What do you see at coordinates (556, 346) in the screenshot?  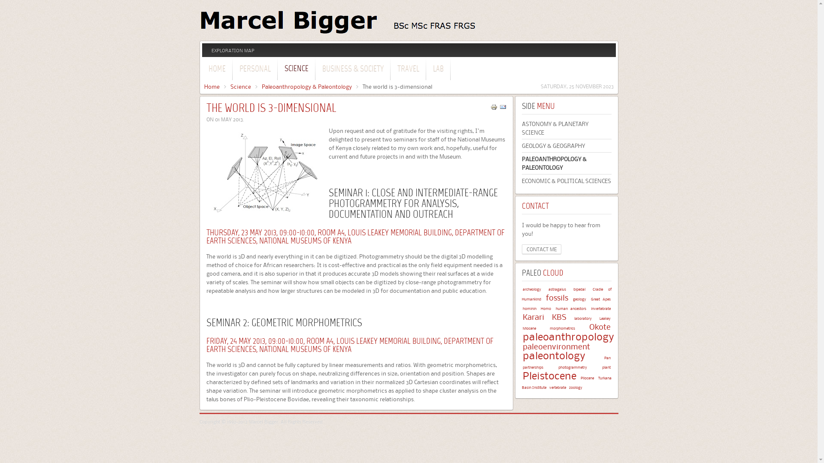 I see `'paleoenvironment'` at bounding box center [556, 346].